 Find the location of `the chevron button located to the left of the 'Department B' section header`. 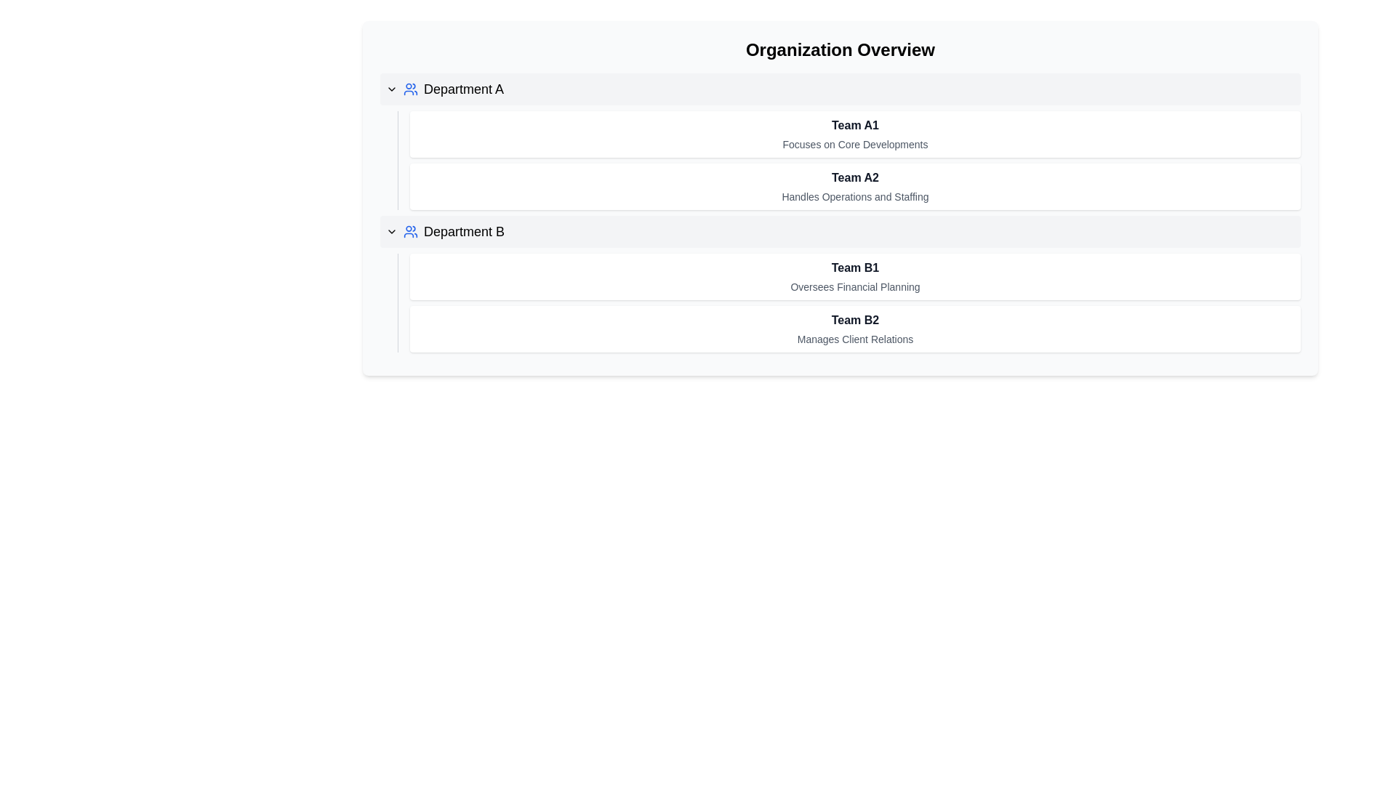

the chevron button located to the left of the 'Department B' section header is located at coordinates (391, 231).